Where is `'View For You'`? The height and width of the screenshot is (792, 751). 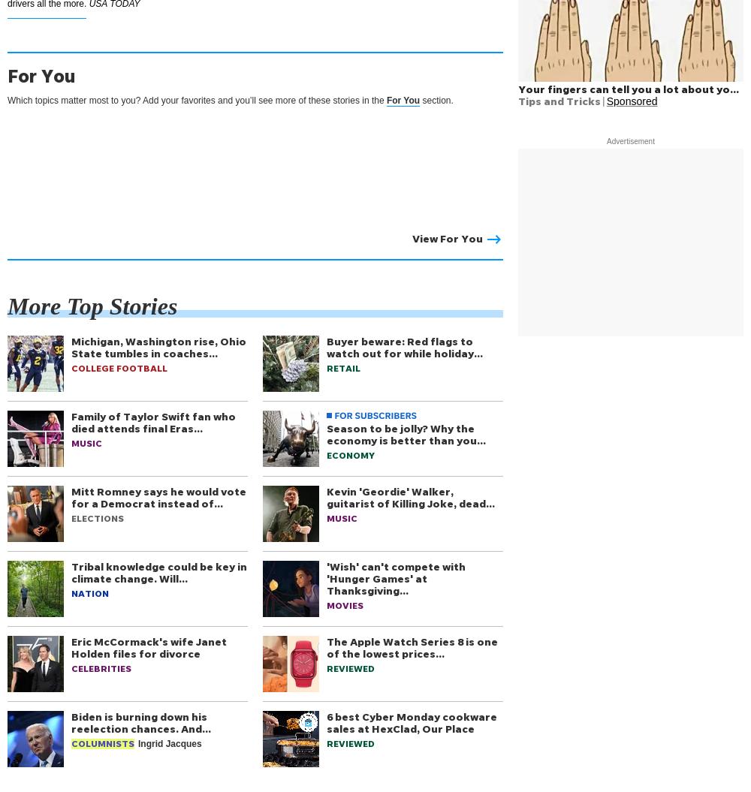 'View For You' is located at coordinates (447, 237).